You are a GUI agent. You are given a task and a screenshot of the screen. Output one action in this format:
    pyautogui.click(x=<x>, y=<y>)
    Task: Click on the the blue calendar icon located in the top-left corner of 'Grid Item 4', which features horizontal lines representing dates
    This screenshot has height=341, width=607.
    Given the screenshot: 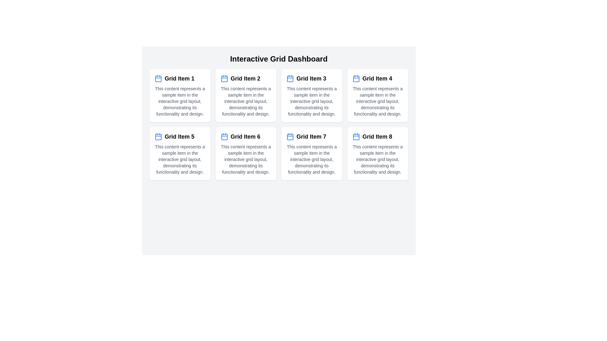 What is the action you would take?
    pyautogui.click(x=356, y=78)
    